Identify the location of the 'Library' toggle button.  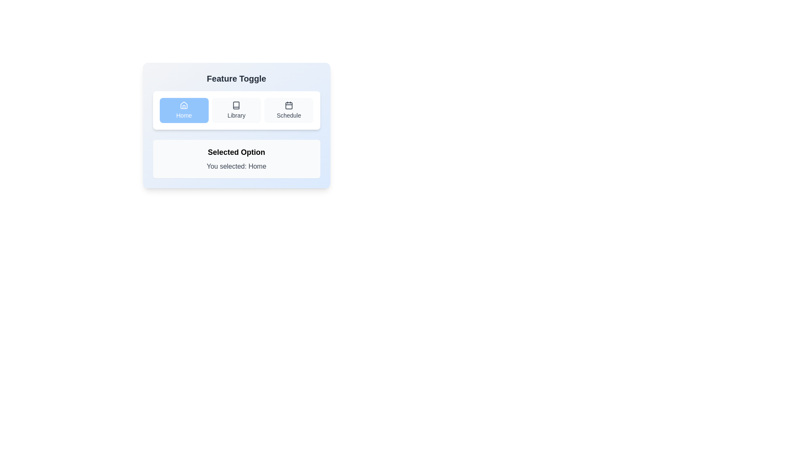
(236, 110).